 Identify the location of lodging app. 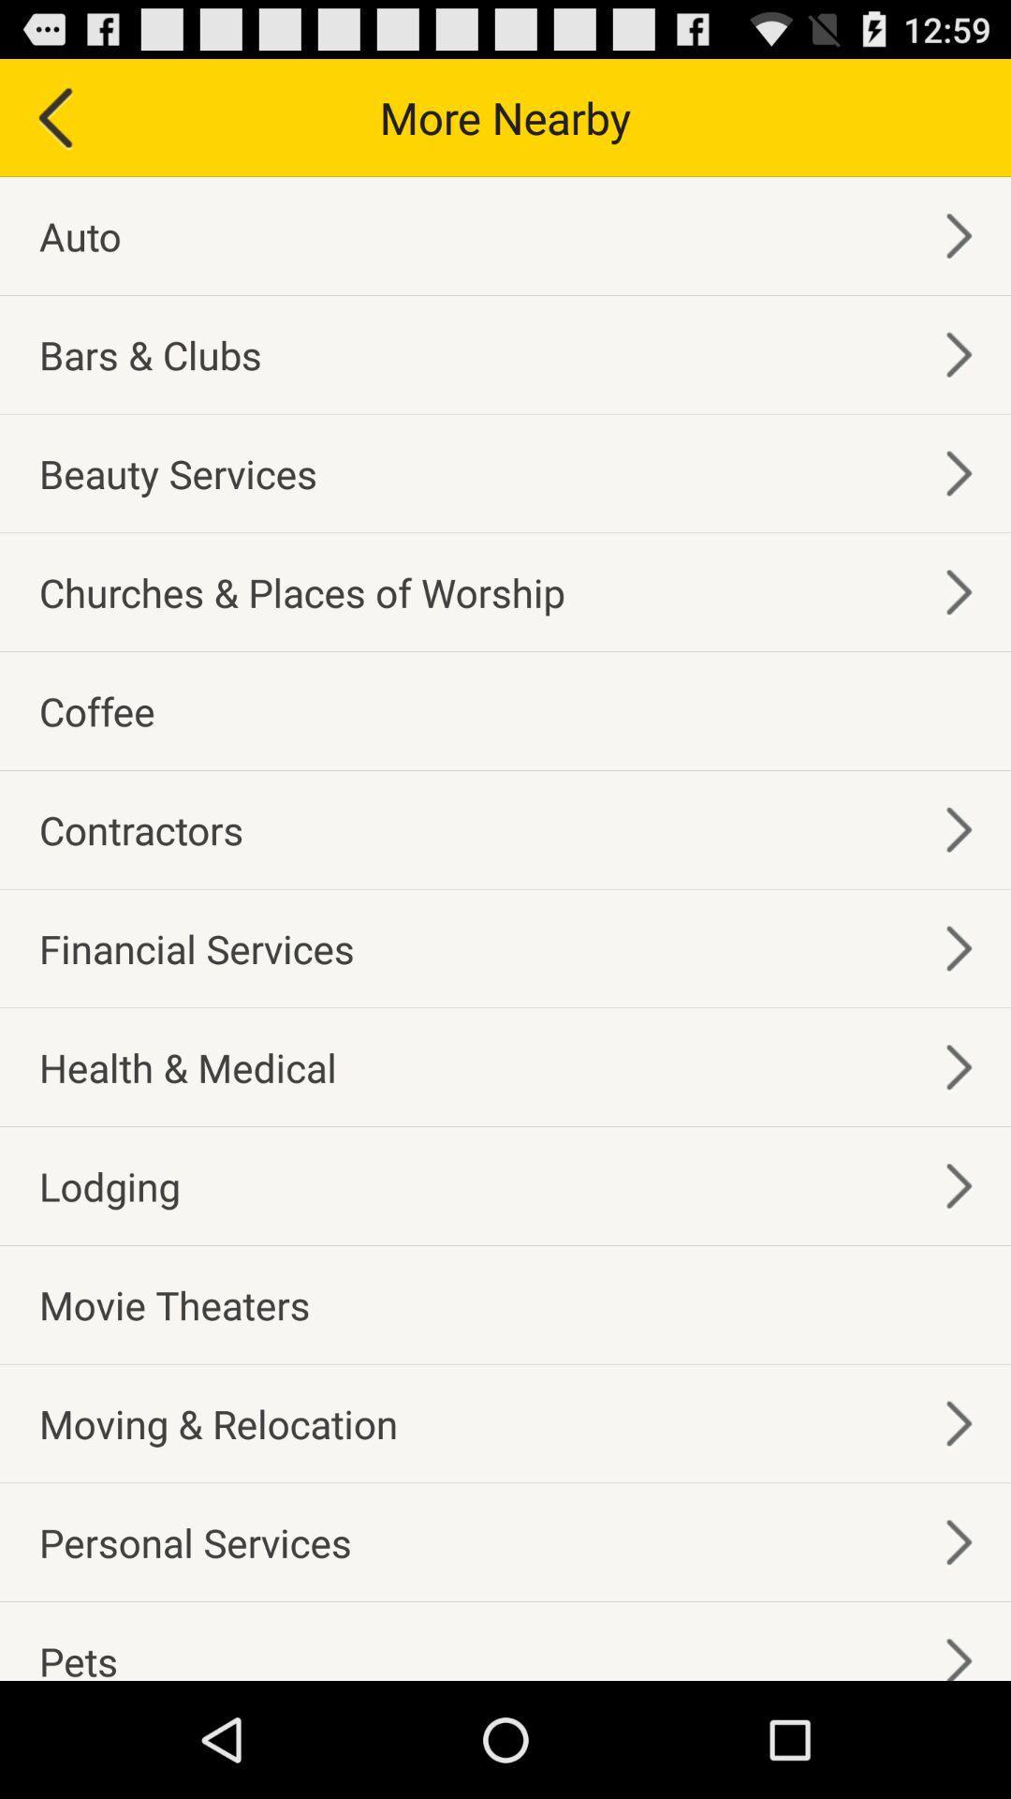
(110, 1185).